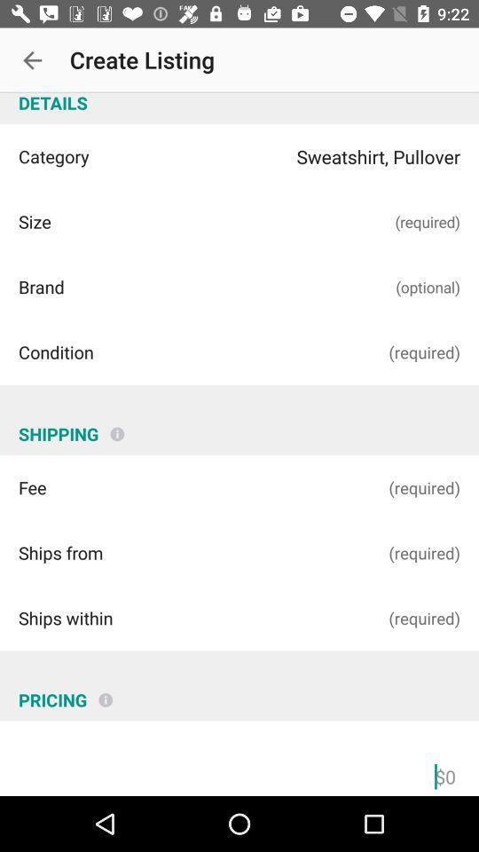 The width and height of the screenshot is (479, 852). Describe the element at coordinates (106, 693) in the screenshot. I see `the item next to pricing icon` at that location.